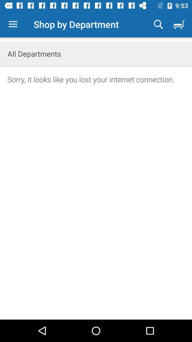  What do you see at coordinates (158, 24) in the screenshot?
I see `the icon next to the shop by department icon` at bounding box center [158, 24].